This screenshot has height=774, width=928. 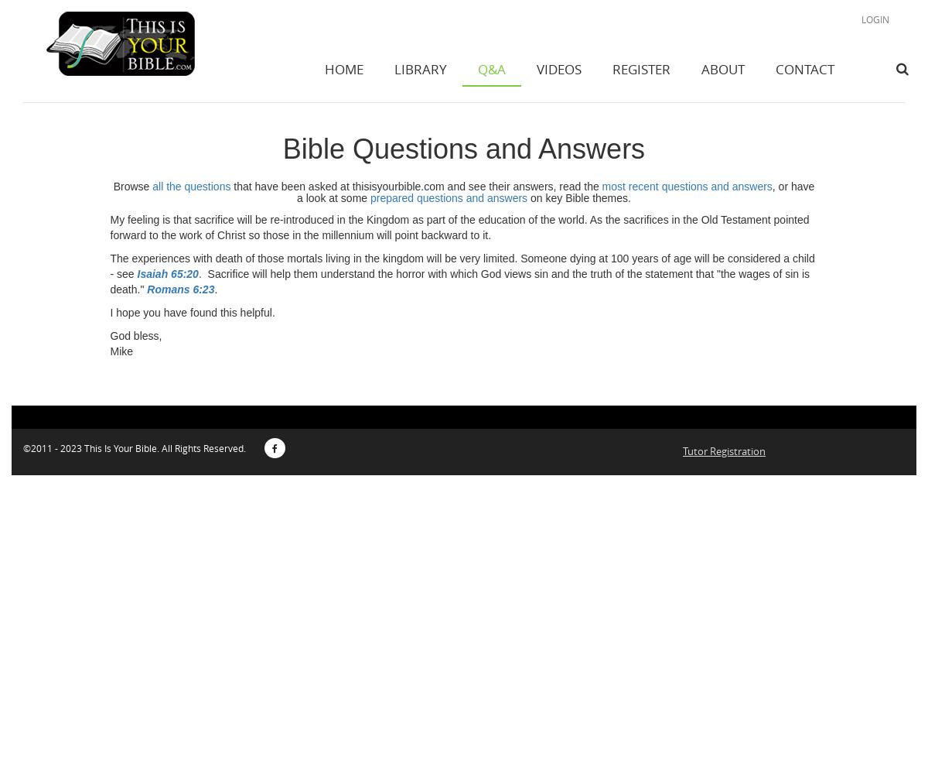 I want to click on 'HOME', so click(x=343, y=68).